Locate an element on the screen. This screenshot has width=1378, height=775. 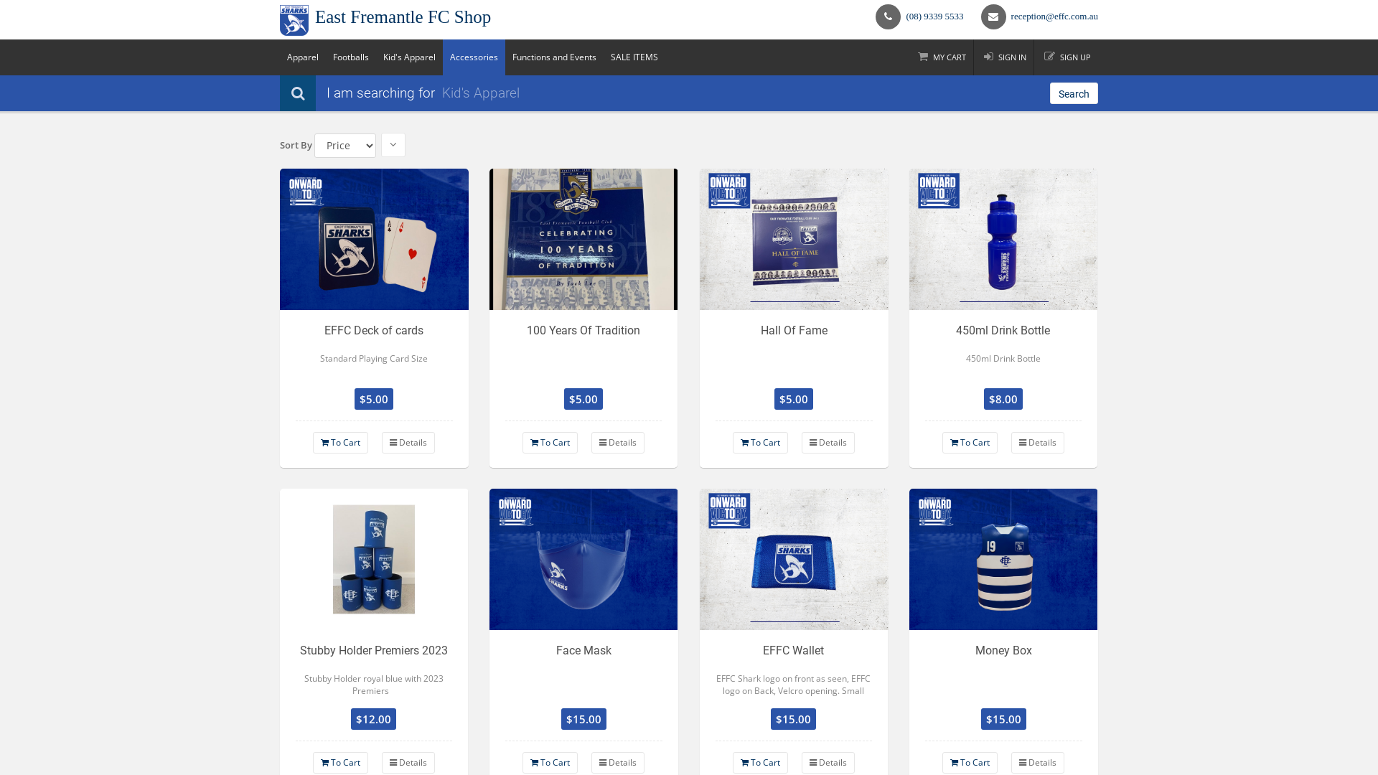
'Footballs' is located at coordinates (351, 57).